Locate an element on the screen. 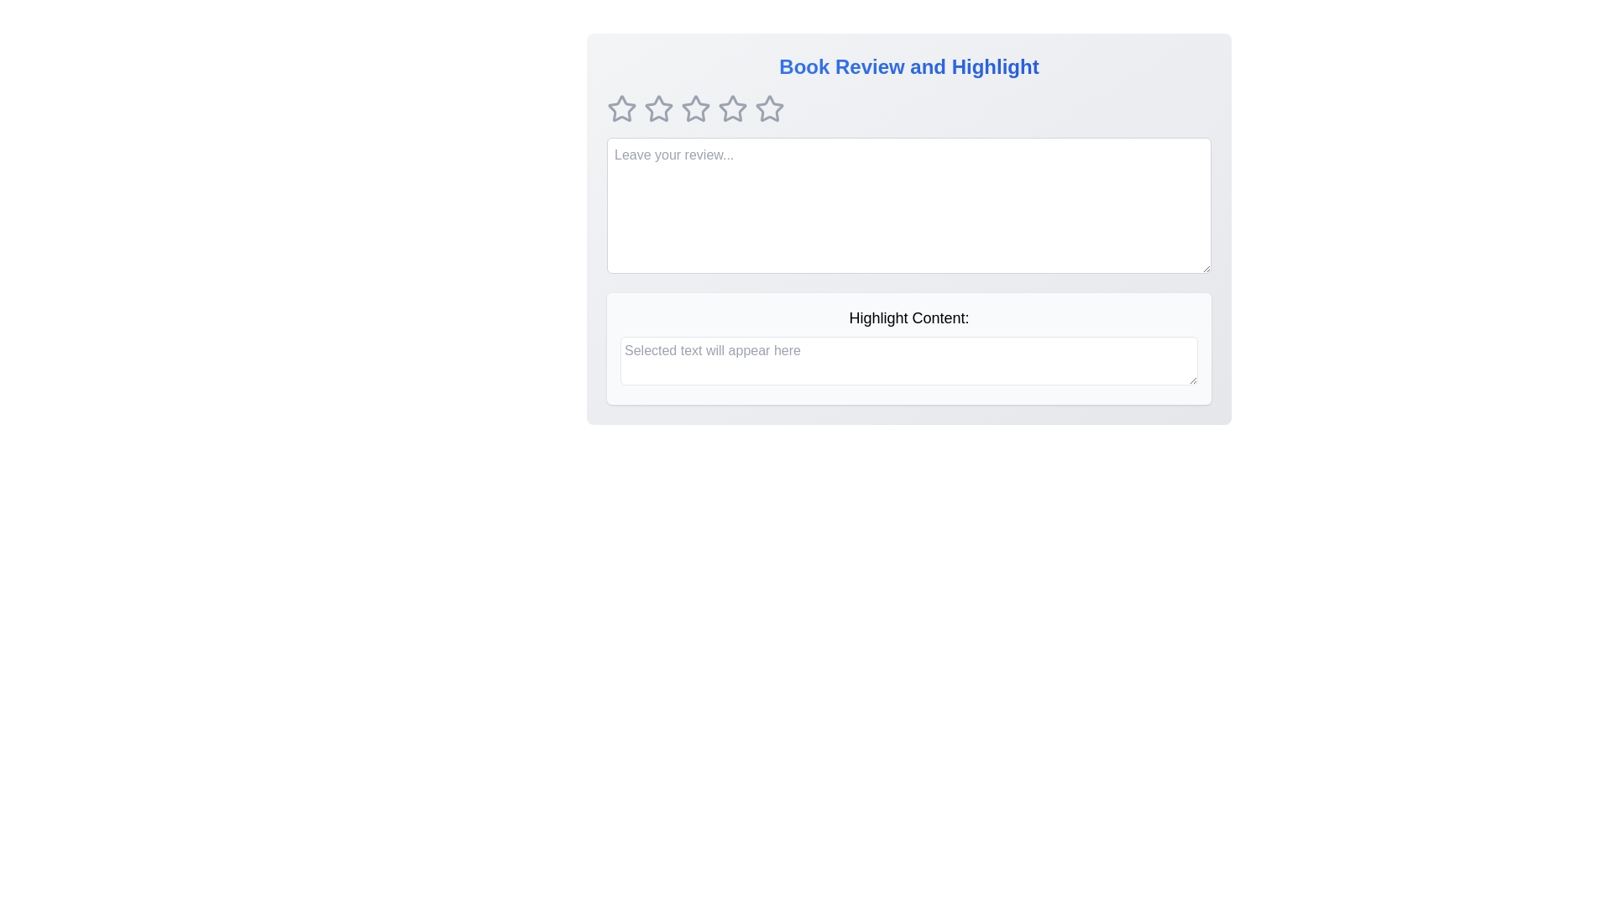 The height and width of the screenshot is (907, 1612). the rating to 5 stars by clicking on the corresponding star icon is located at coordinates (768, 109).